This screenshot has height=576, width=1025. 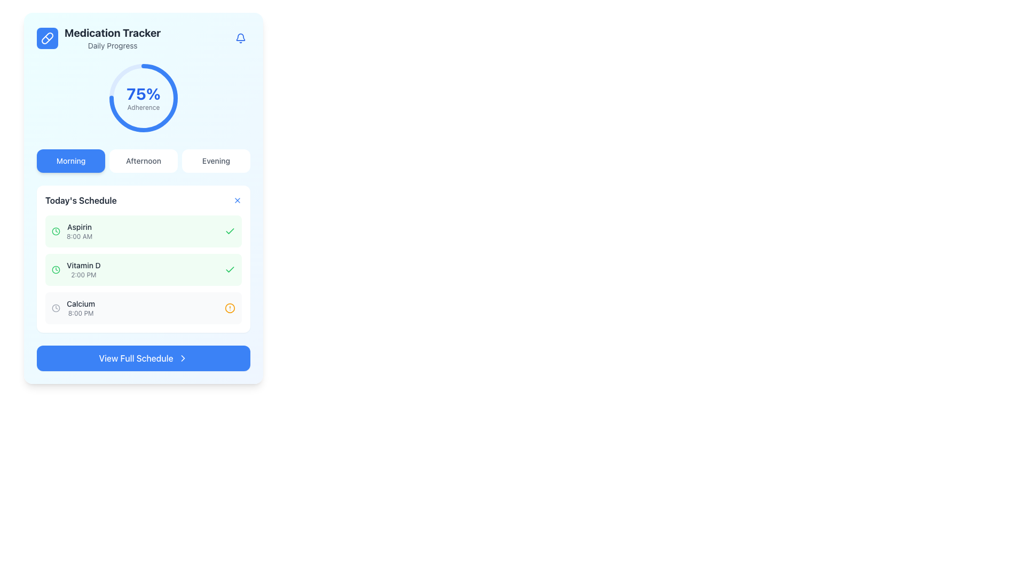 What do you see at coordinates (143, 93) in the screenshot?
I see `percentage value displayed in the Text Label located centrally within the circular graphical component above the word 'Adherence' in the 'Medication Tracker' section` at bounding box center [143, 93].